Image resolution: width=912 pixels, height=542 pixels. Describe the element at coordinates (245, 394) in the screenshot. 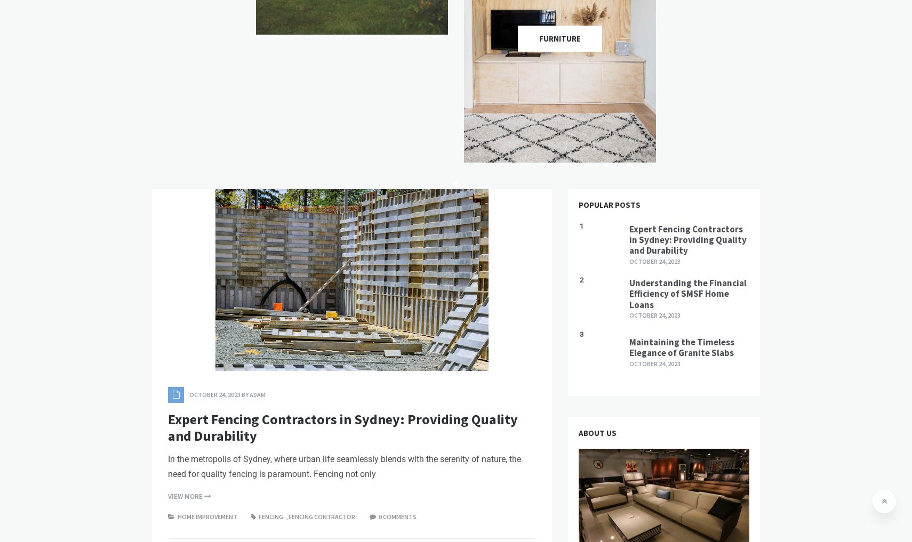

I see `'by'` at that location.